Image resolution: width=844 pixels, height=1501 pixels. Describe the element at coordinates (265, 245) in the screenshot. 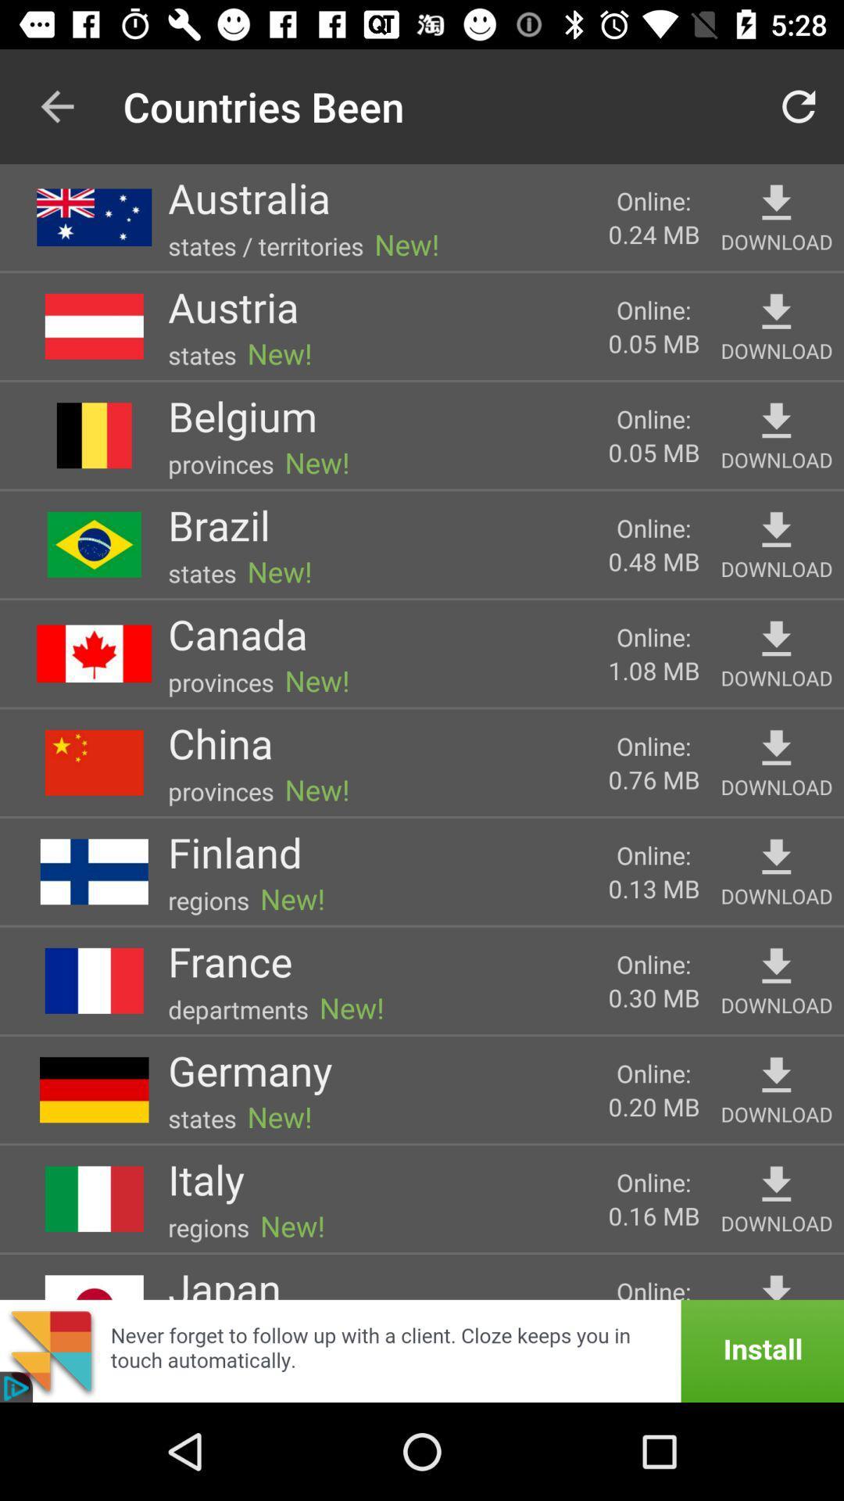

I see `the item next to new! item` at that location.